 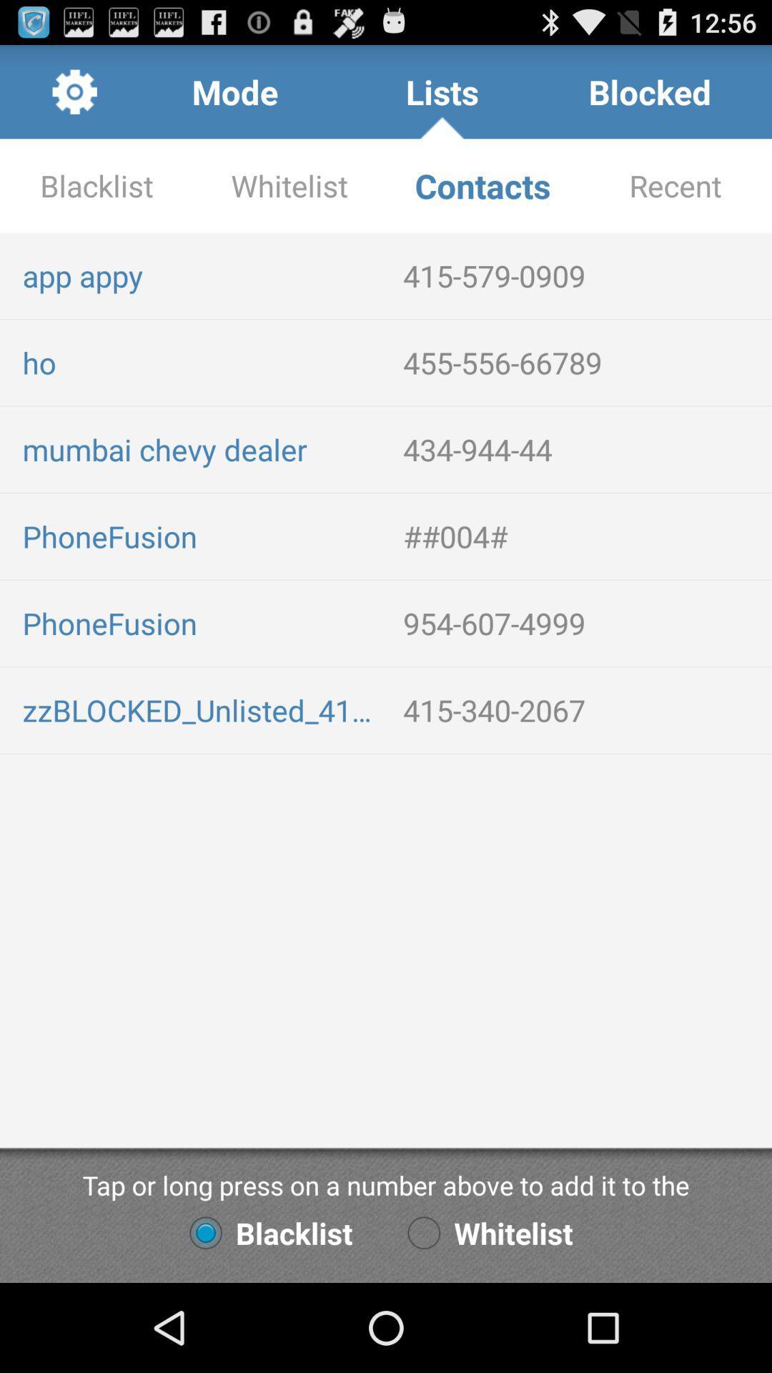 I want to click on the item below mumbai chevy dealer icon, so click(x=582, y=535).